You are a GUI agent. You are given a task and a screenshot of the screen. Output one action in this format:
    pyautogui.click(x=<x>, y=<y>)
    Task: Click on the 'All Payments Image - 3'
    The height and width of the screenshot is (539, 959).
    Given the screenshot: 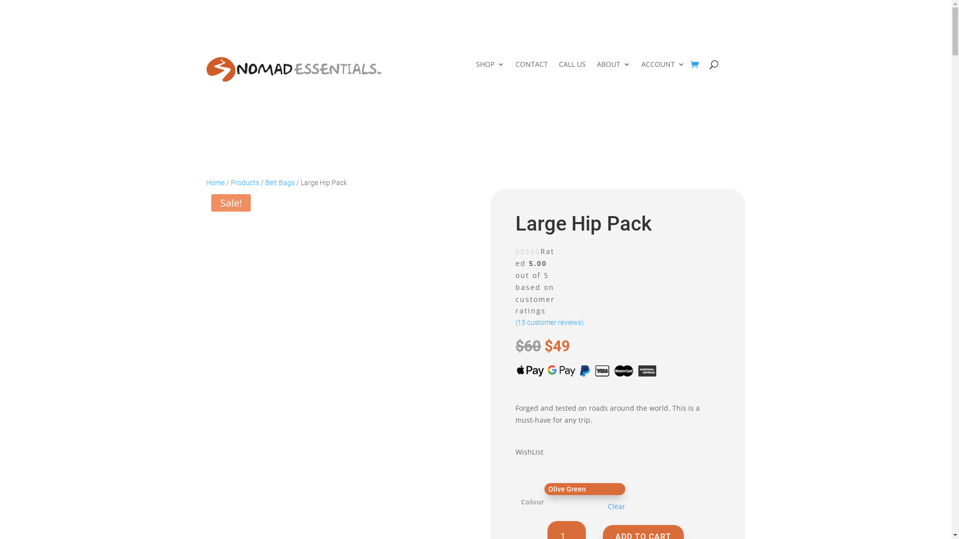 What is the action you would take?
    pyautogui.click(x=587, y=370)
    